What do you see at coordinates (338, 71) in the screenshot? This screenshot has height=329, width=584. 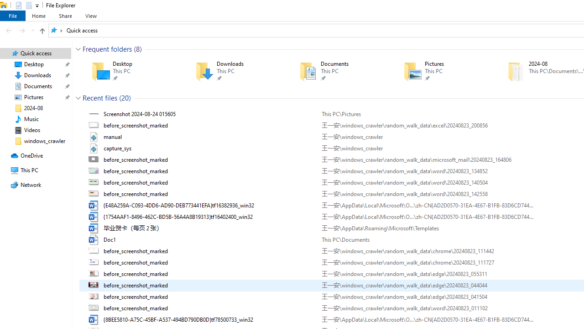 I see `'Documents'` at bounding box center [338, 71].